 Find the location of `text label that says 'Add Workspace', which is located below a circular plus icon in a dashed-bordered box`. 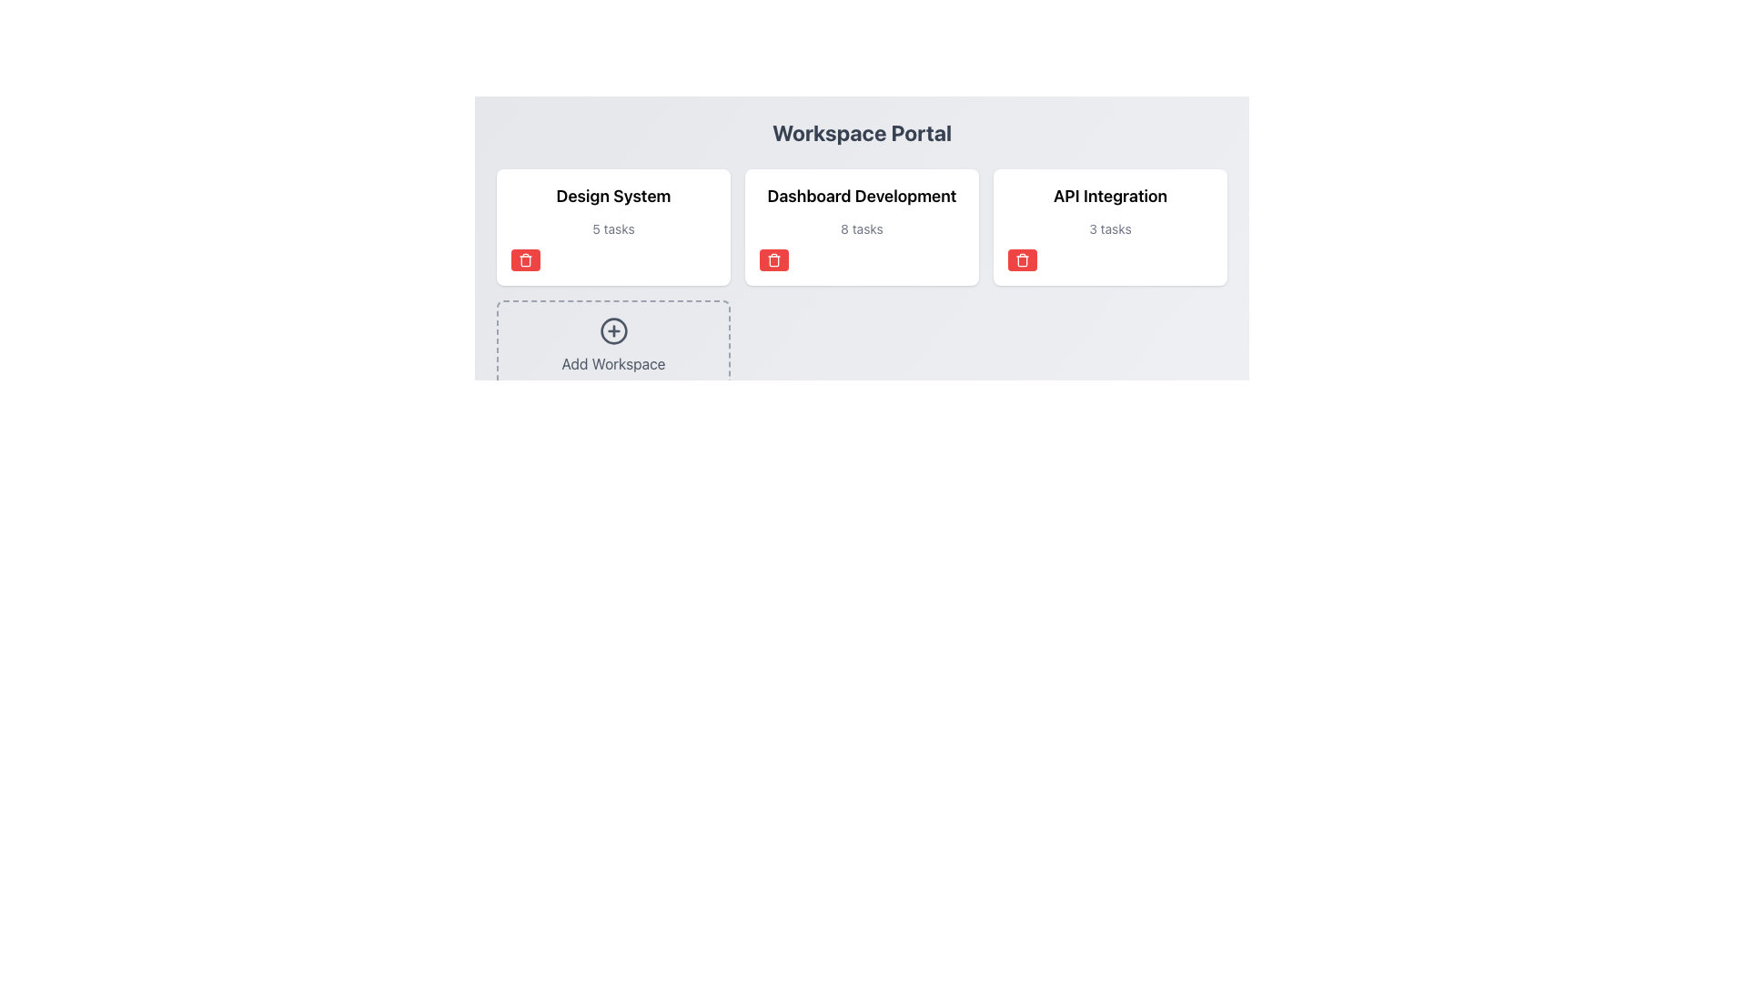

text label that says 'Add Workspace', which is located below a circular plus icon in a dashed-bordered box is located at coordinates (613, 364).